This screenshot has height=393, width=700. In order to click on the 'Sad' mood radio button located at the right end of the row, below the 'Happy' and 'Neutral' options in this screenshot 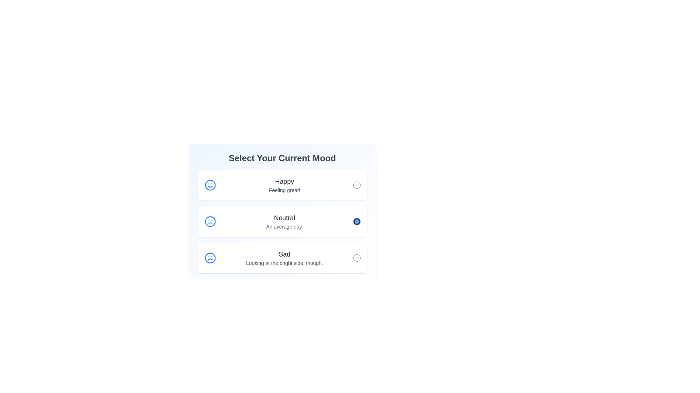, I will do `click(357, 258)`.